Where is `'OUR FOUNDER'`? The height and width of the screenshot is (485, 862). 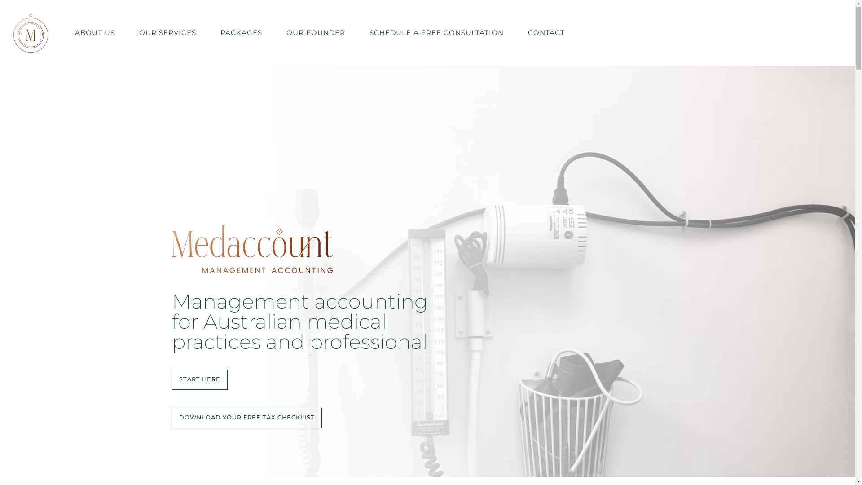
'OUR FOUNDER' is located at coordinates (316, 32).